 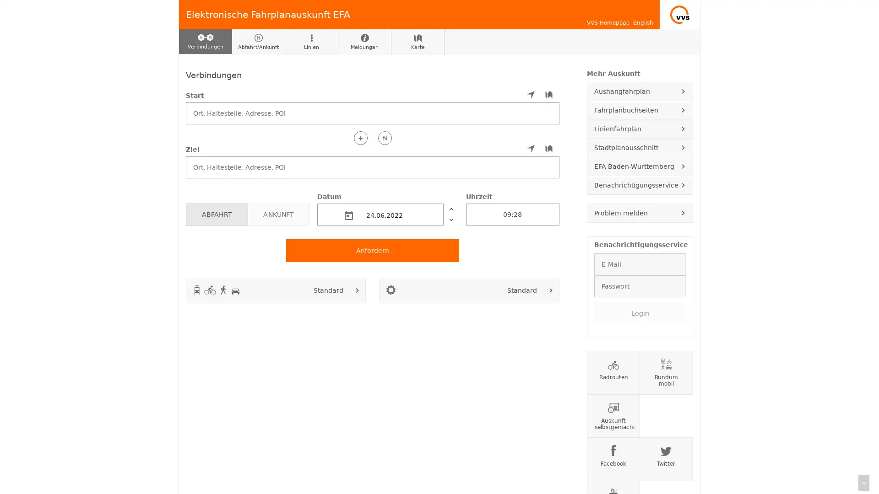 I want to click on Linien, so click(x=312, y=42).